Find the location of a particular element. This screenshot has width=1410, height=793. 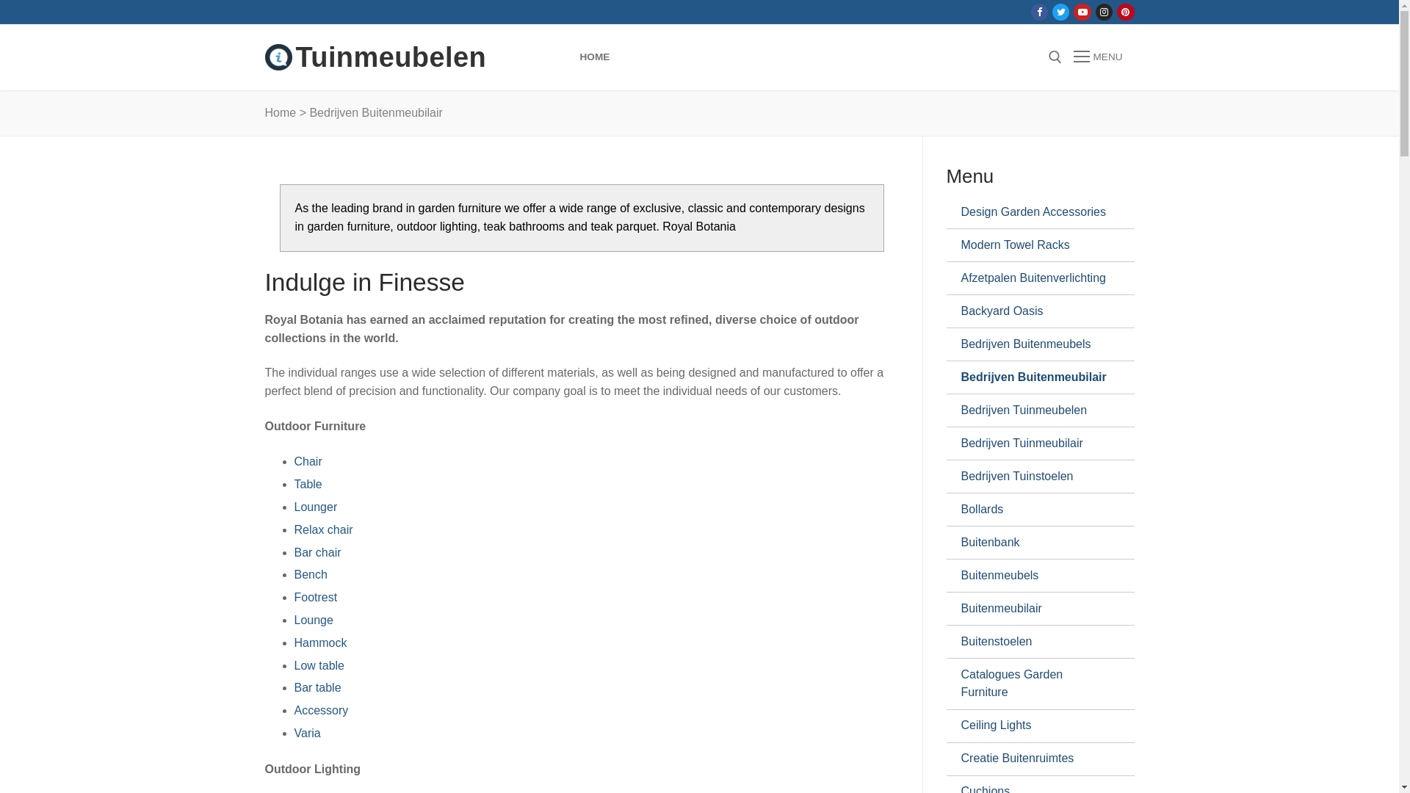

'Pinterest' is located at coordinates (1120, 12).